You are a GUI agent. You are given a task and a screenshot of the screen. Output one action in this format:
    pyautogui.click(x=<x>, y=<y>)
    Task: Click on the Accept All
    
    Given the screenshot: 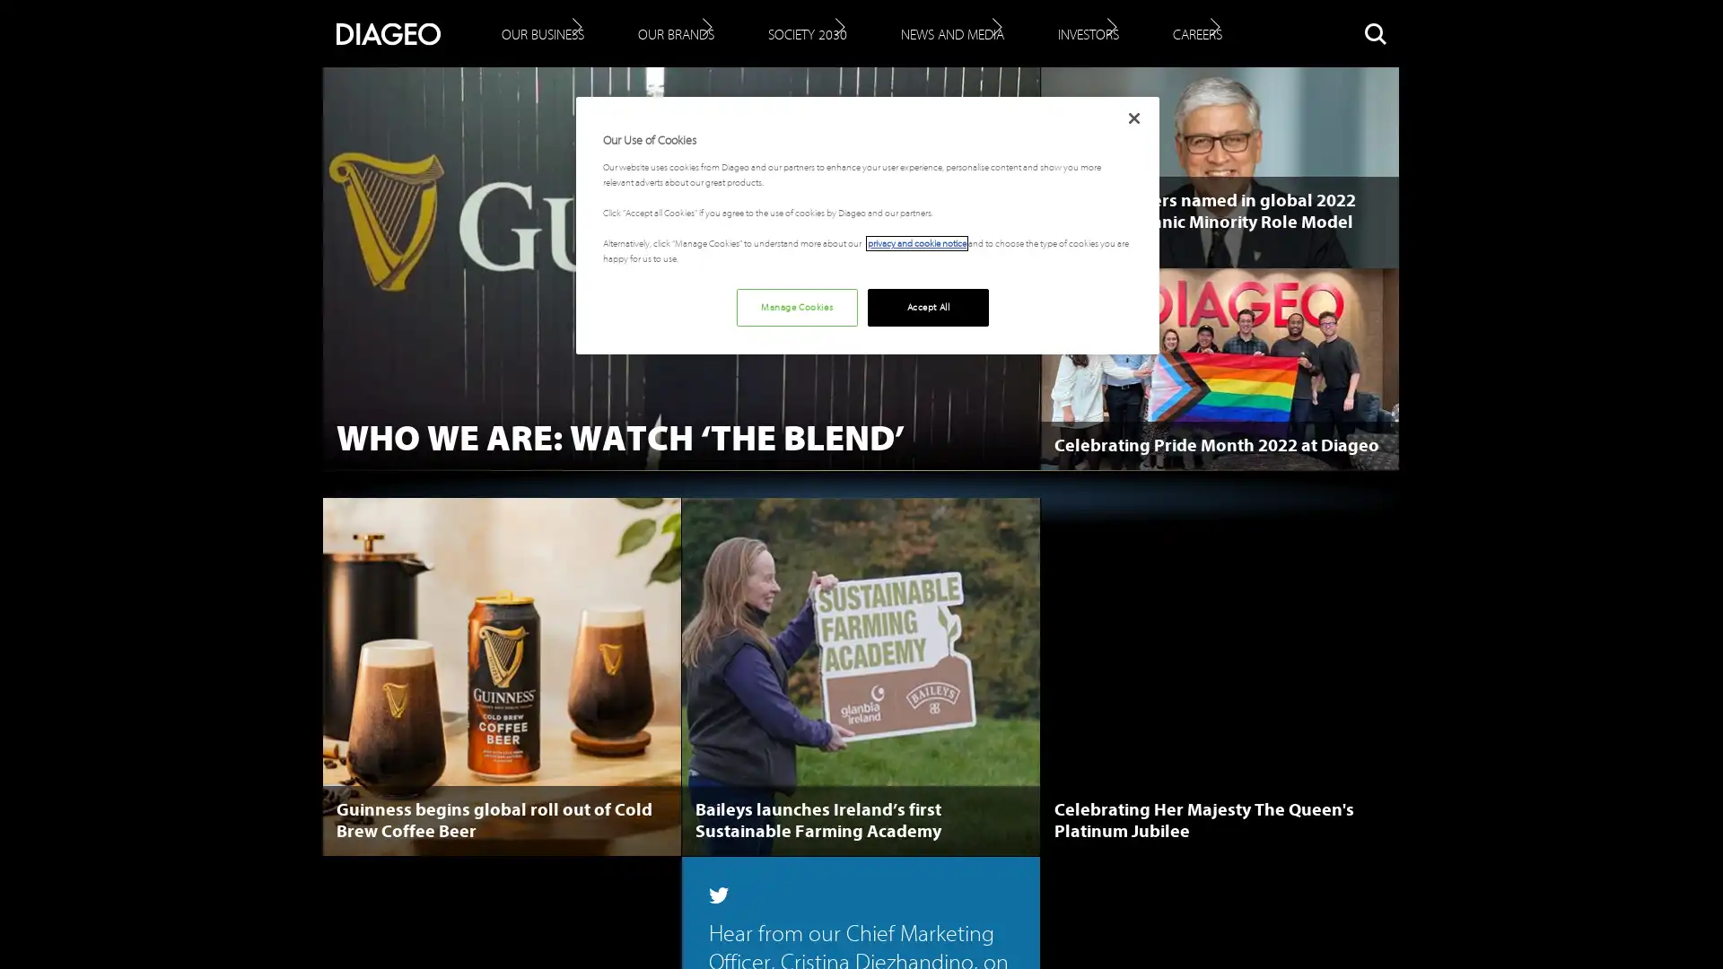 What is the action you would take?
    pyautogui.click(x=928, y=306)
    